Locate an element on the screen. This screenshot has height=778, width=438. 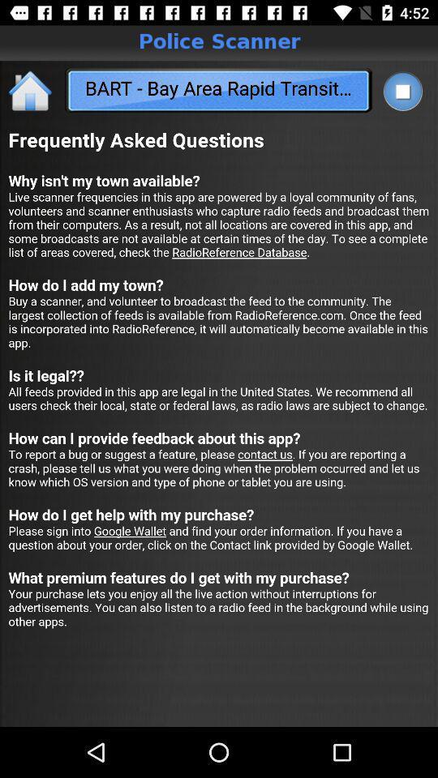
the home icon is located at coordinates (31, 90).